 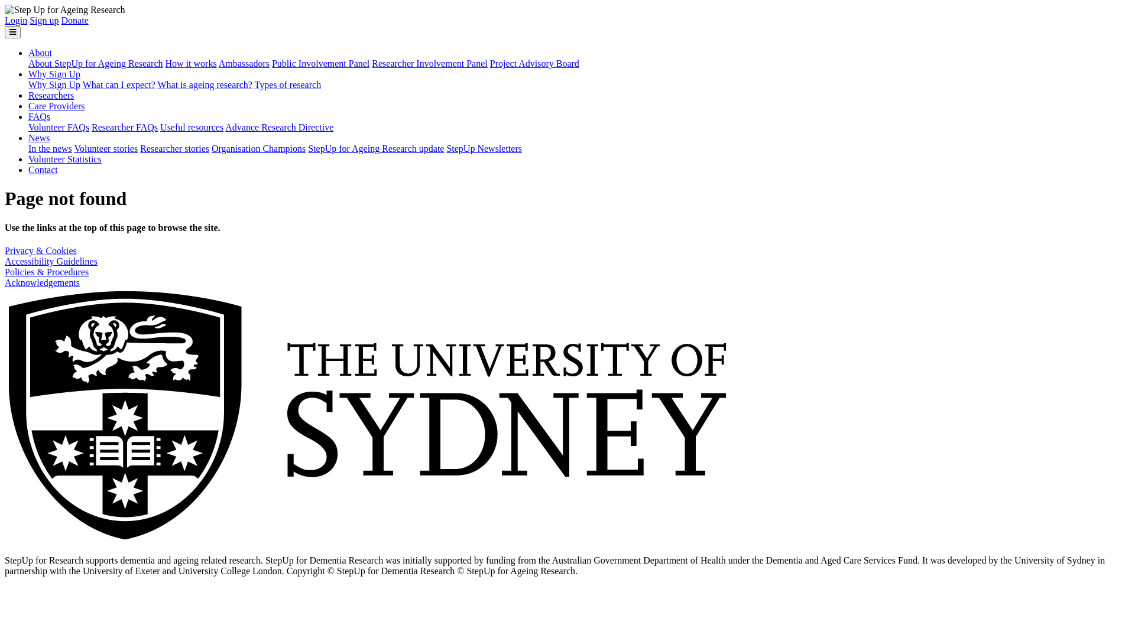 I want to click on 'Why Sign Up', so click(x=53, y=74).